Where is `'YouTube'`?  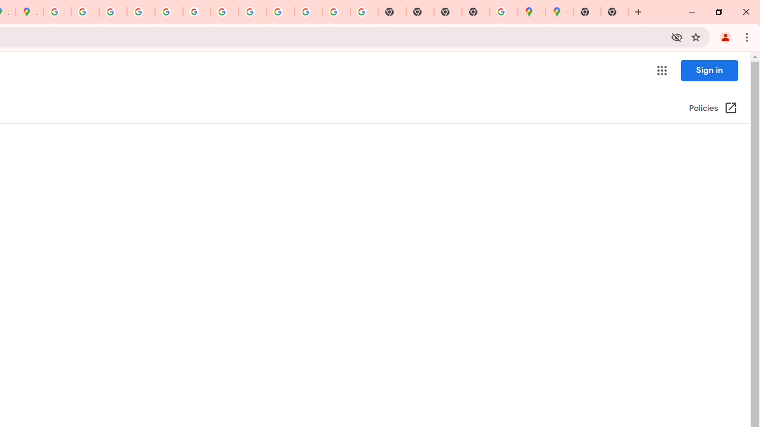
'YouTube' is located at coordinates (224, 12).